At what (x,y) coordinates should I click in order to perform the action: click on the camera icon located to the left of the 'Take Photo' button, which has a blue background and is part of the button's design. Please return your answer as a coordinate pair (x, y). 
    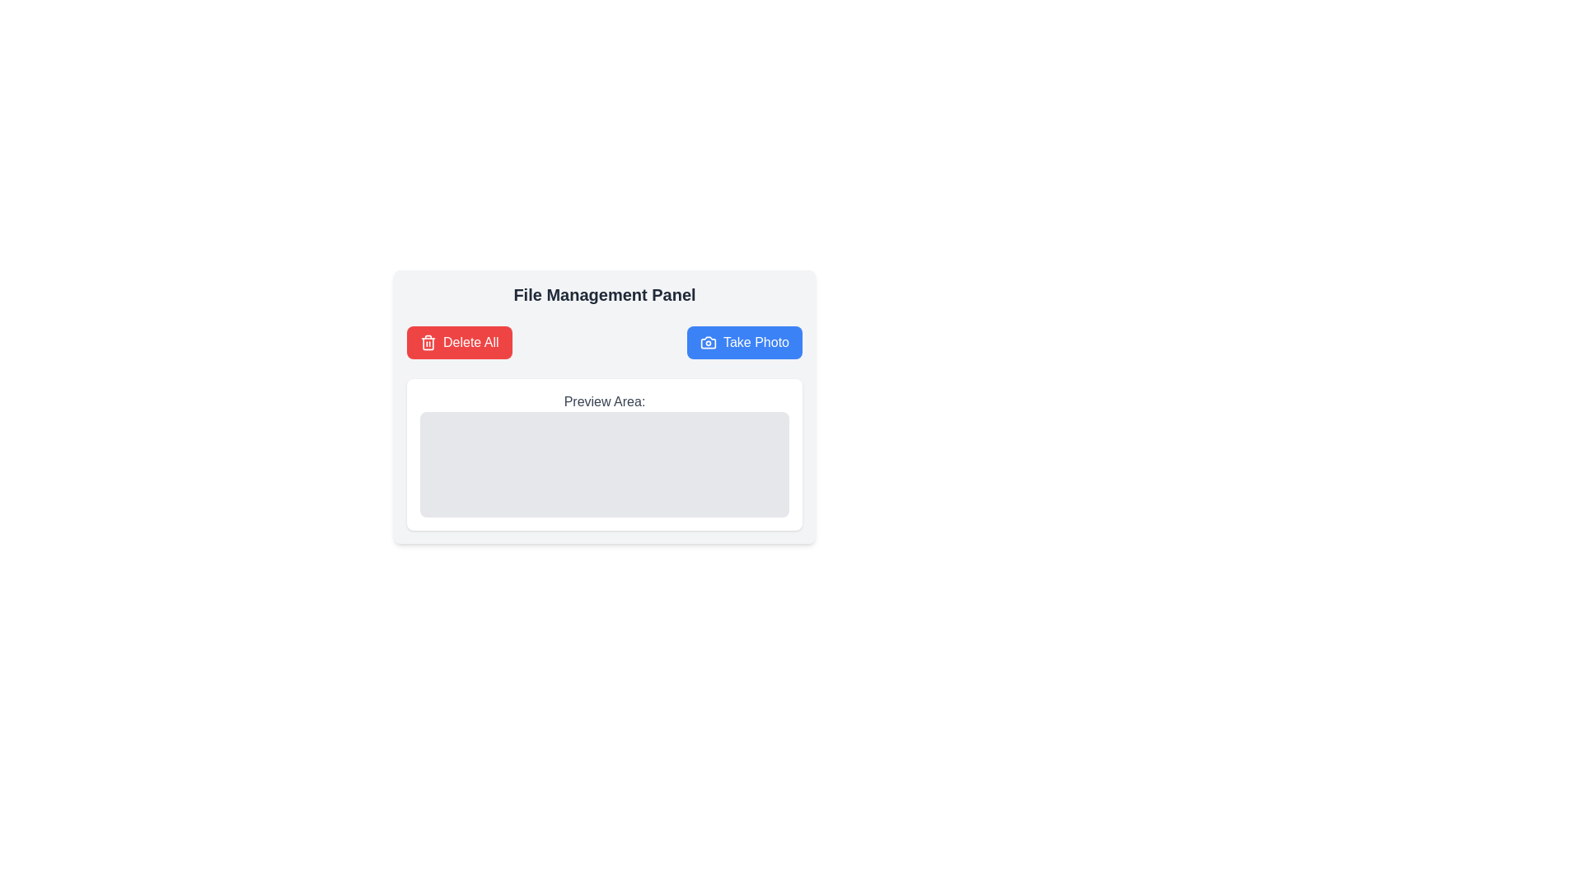
    Looking at the image, I should click on (708, 342).